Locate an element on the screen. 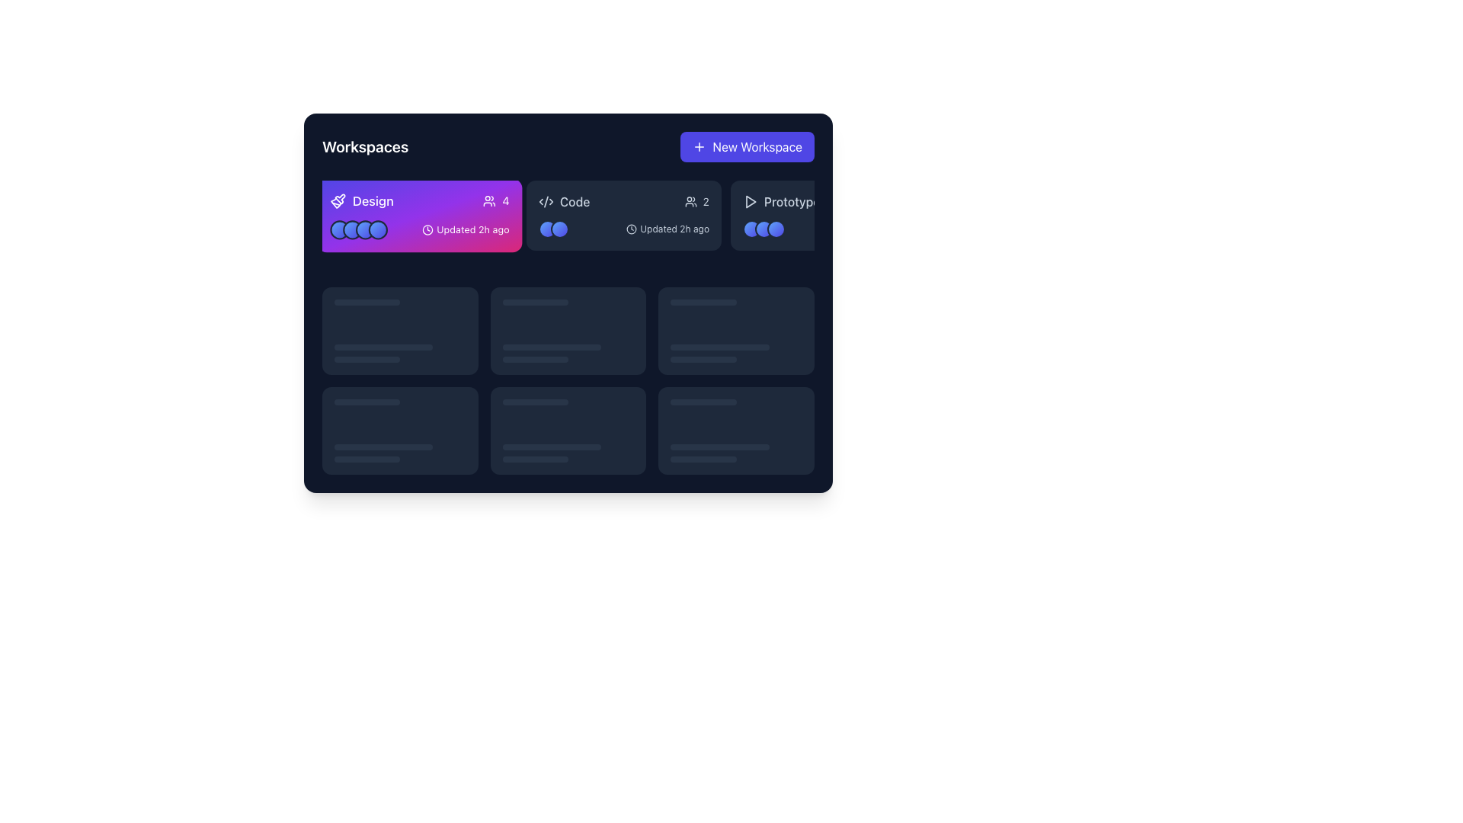  to select or interact with the Placeholder Card, which is a dark rectangular panel with rounded corners located in the third column of the first row of the grid layout is located at coordinates (736, 330).